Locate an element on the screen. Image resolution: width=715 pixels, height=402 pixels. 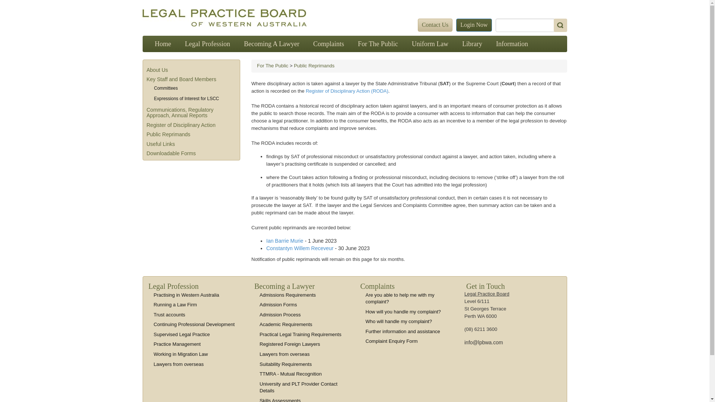
'Supervised Legal Practice' is located at coordinates (153, 334).